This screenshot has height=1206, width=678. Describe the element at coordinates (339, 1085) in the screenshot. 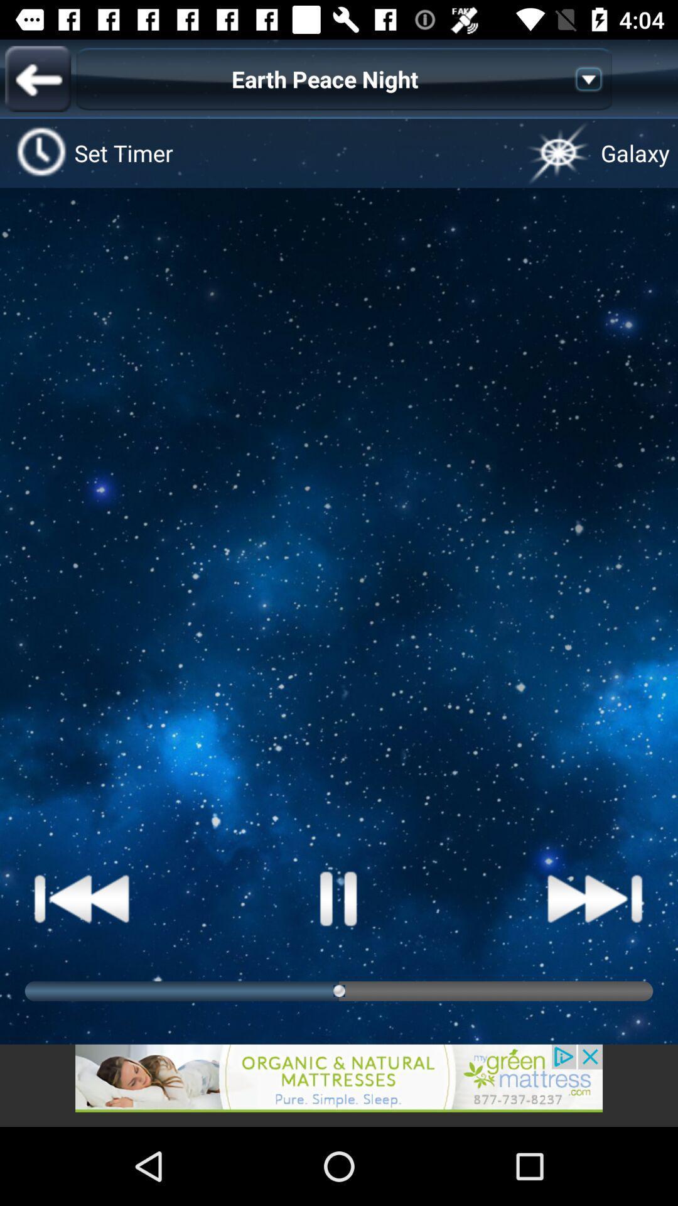

I see `advertisement page` at that location.